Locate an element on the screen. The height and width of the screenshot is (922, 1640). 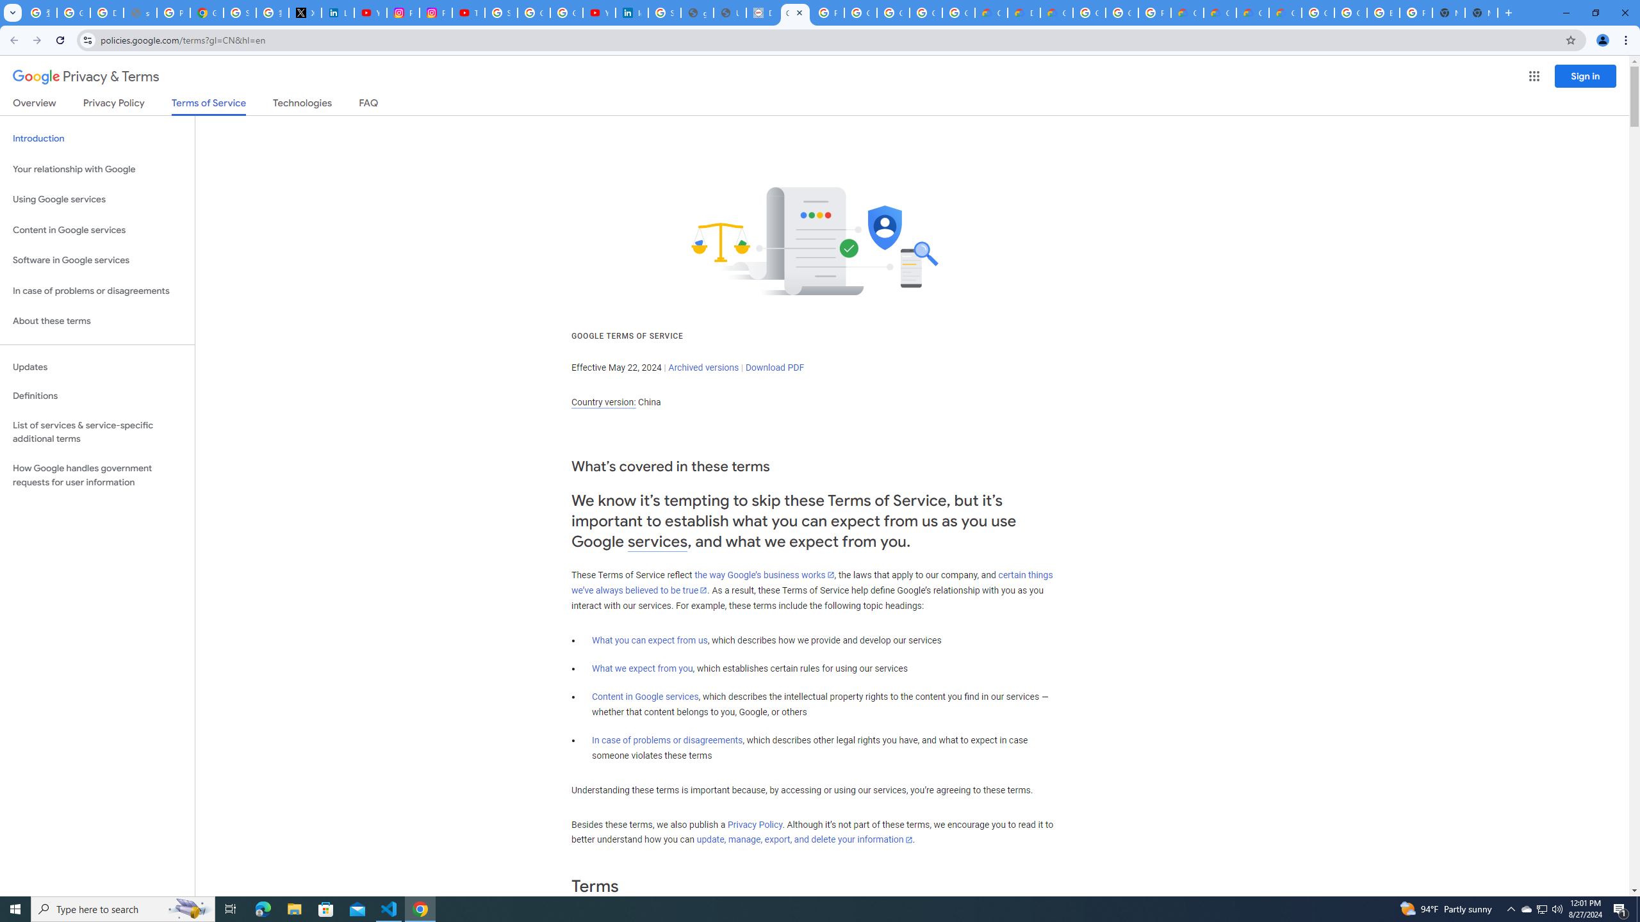
'Using Google services' is located at coordinates (97, 198).